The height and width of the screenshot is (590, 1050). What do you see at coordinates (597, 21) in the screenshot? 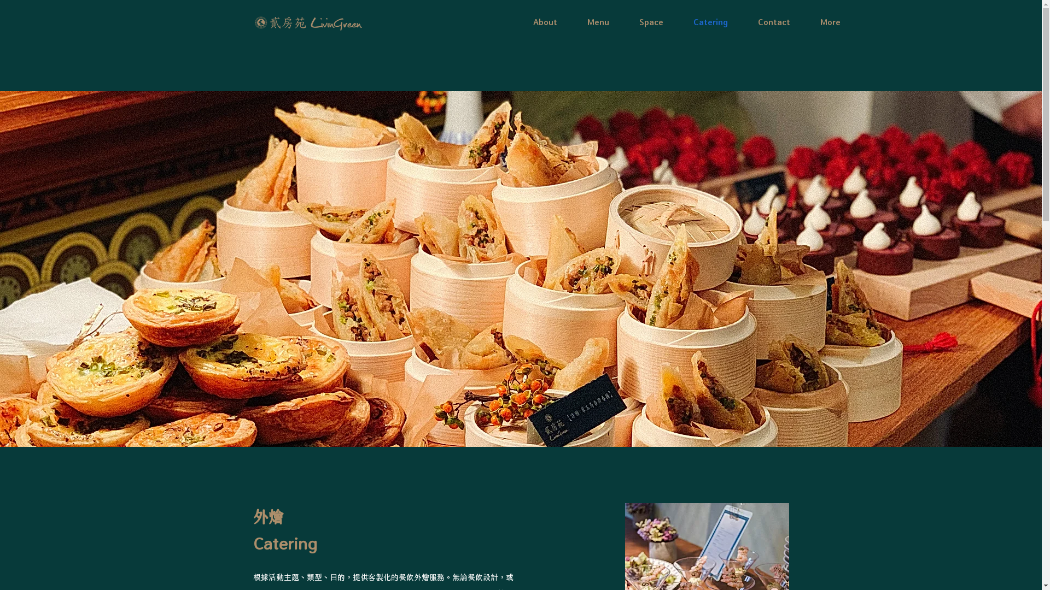
I see `'Menu'` at bounding box center [597, 21].